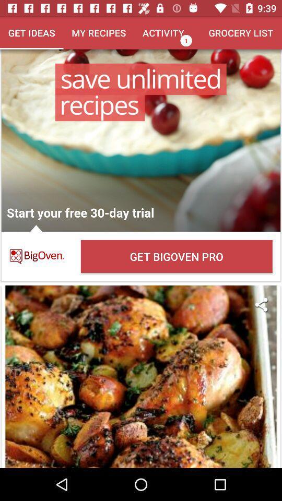 The height and width of the screenshot is (501, 282). Describe the element at coordinates (176, 256) in the screenshot. I see `get bigoven pro item` at that location.